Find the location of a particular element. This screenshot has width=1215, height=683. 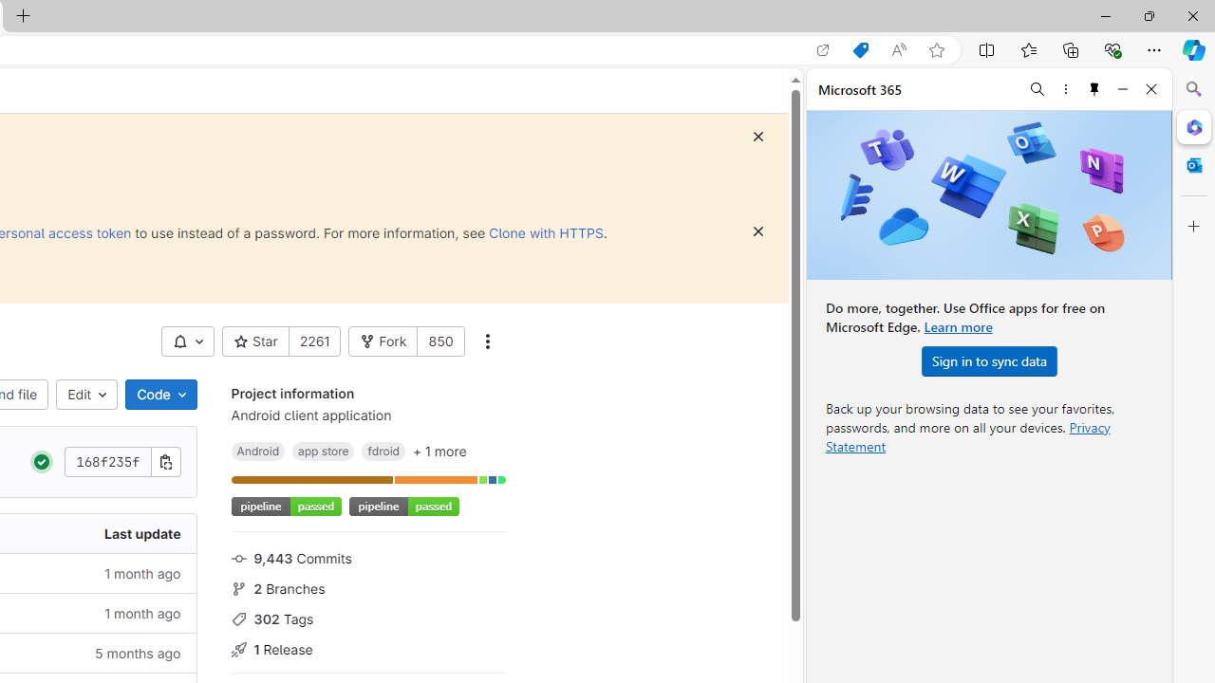

'fdroid' is located at coordinates (383, 451).